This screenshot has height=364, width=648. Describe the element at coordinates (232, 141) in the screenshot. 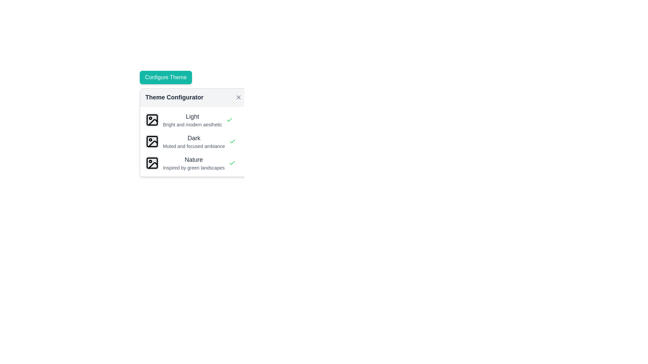

I see `the check mark icon located to the right of the 'Dark' list item in the 'Theme Configurator' panel` at that location.